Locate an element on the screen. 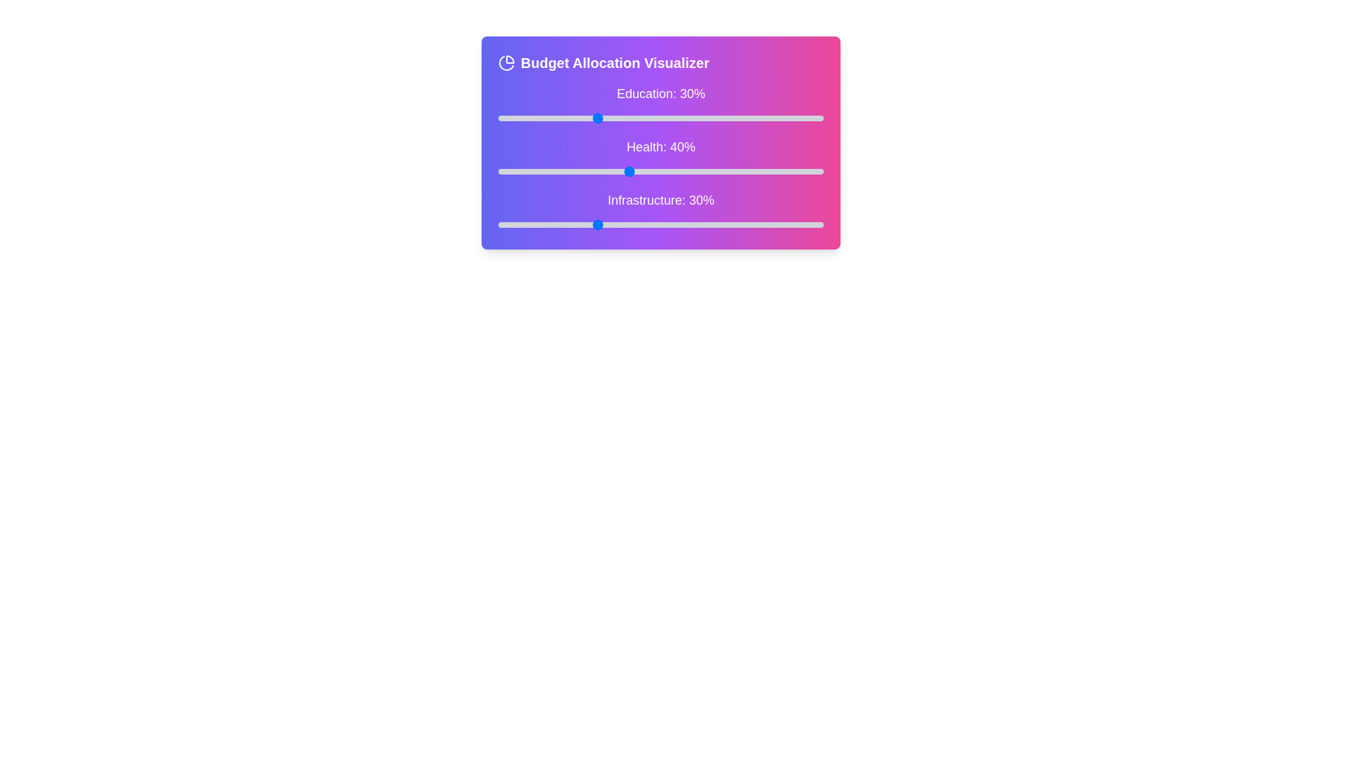  the top right segment of the pie chart icon in the 'Budget Allocation Visualizer' header section, which is a curved graphical component with a modern vector style is located at coordinates (510, 58).